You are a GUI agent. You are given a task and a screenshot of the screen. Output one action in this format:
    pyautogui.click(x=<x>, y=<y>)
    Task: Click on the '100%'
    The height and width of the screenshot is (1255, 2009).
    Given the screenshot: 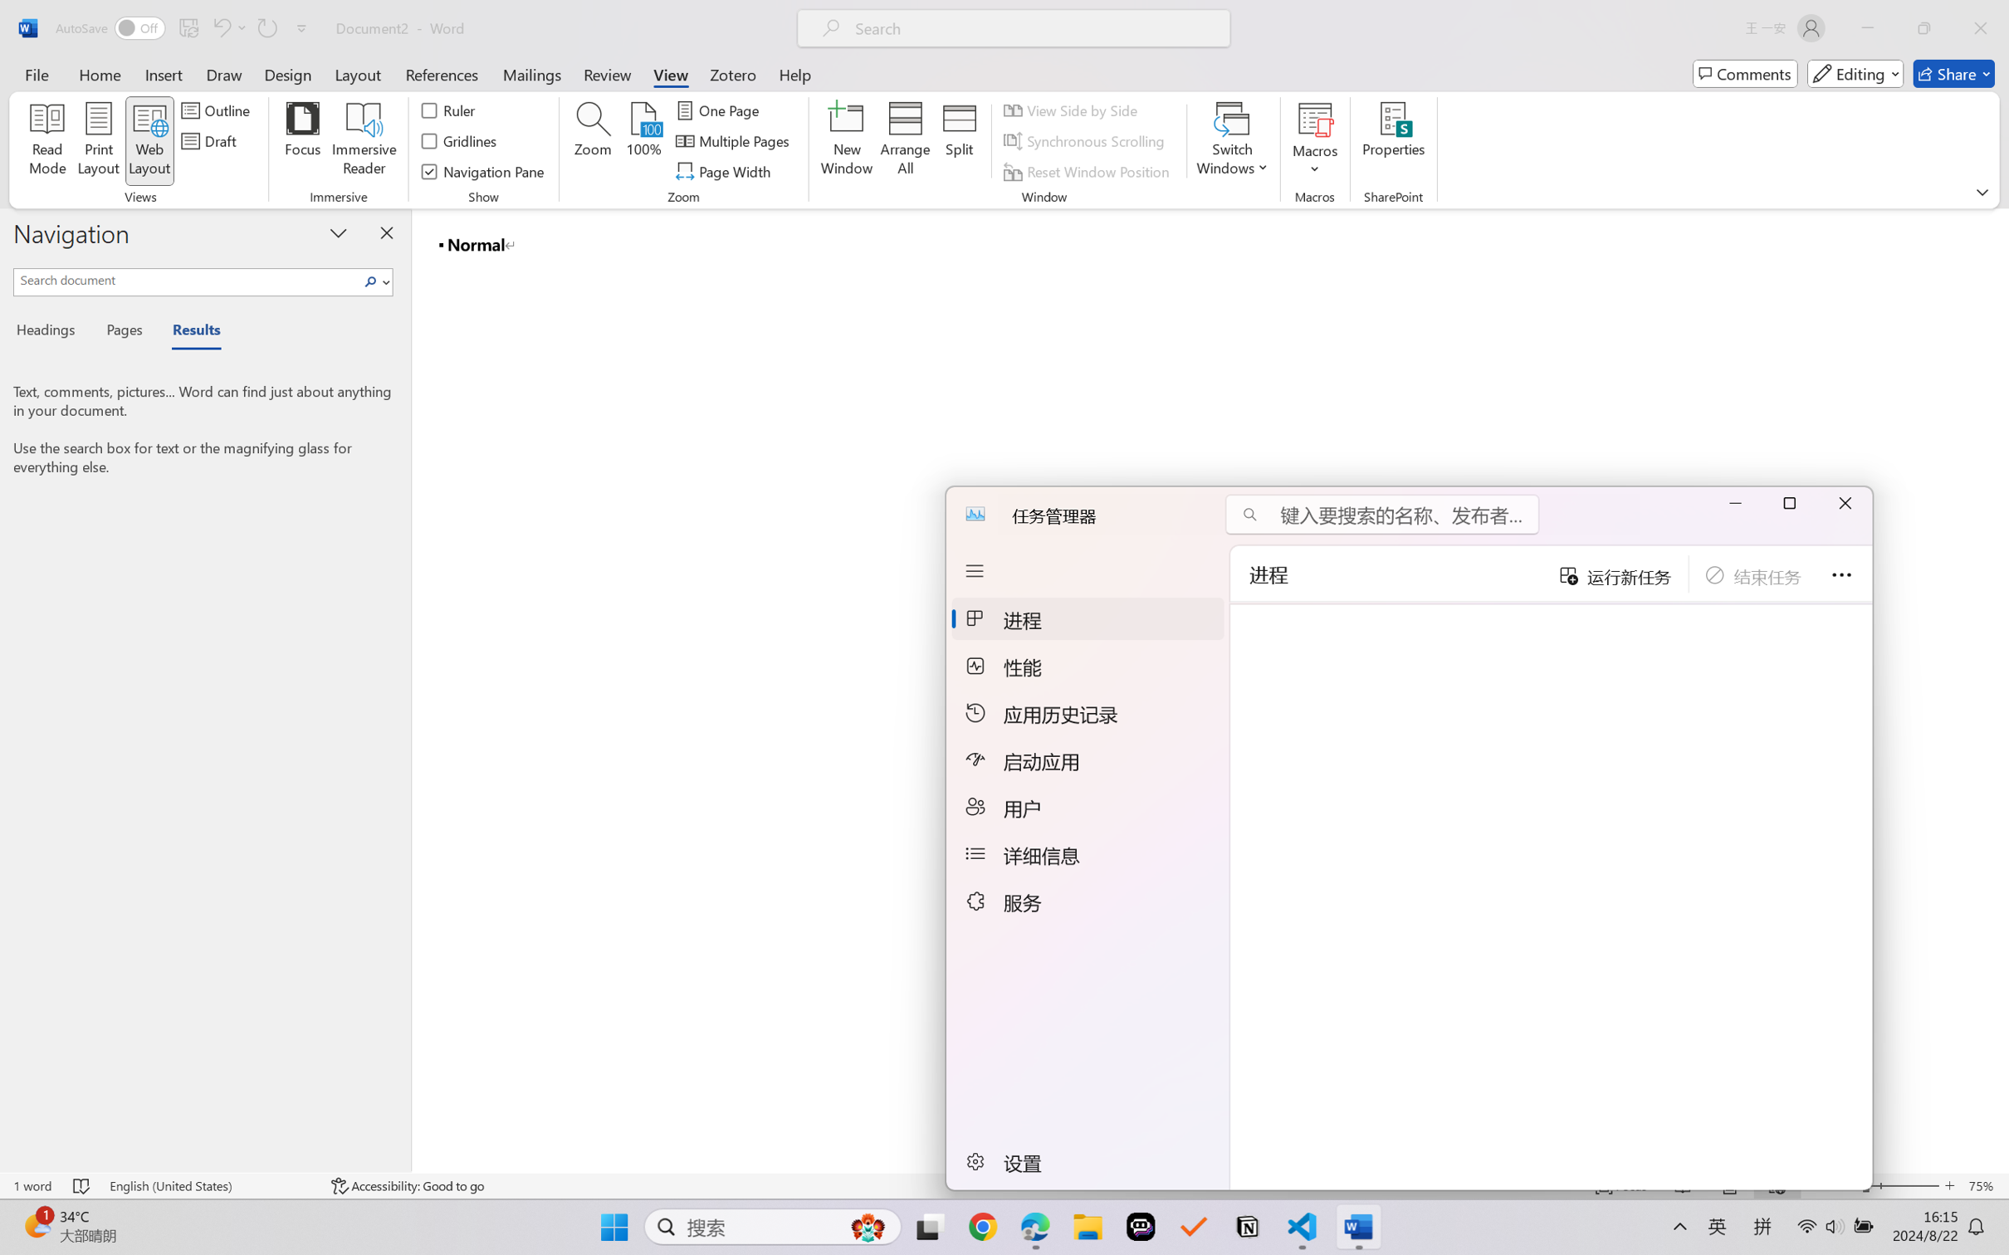 What is the action you would take?
    pyautogui.click(x=643, y=141)
    